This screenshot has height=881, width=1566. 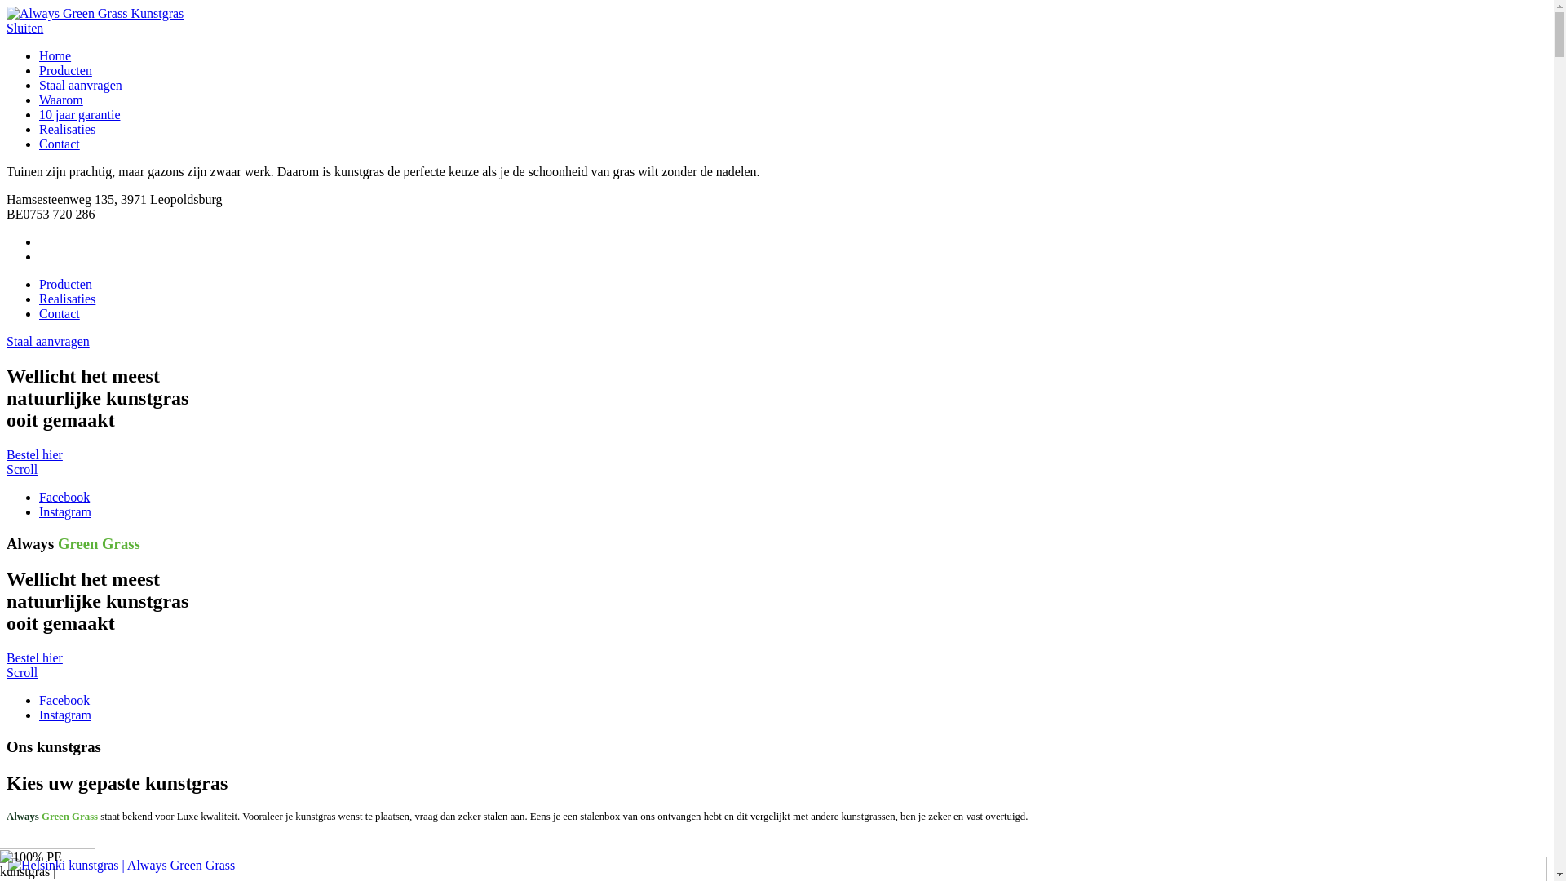 What do you see at coordinates (66, 128) in the screenshot?
I see `'Realisaties'` at bounding box center [66, 128].